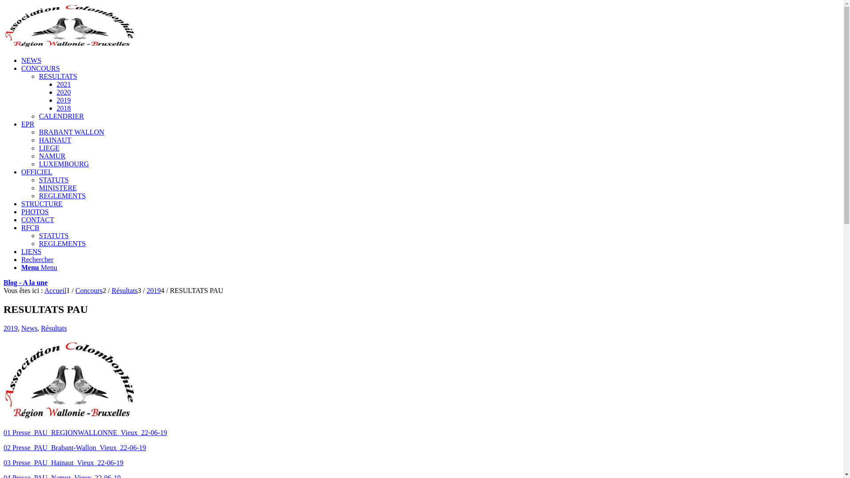 Image resolution: width=850 pixels, height=478 pixels. I want to click on 'NEWS', so click(21, 60).